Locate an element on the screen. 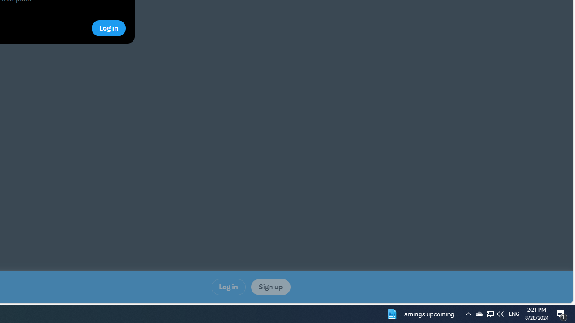 The image size is (575, 323). 'Sign up' is located at coordinates (270, 287).